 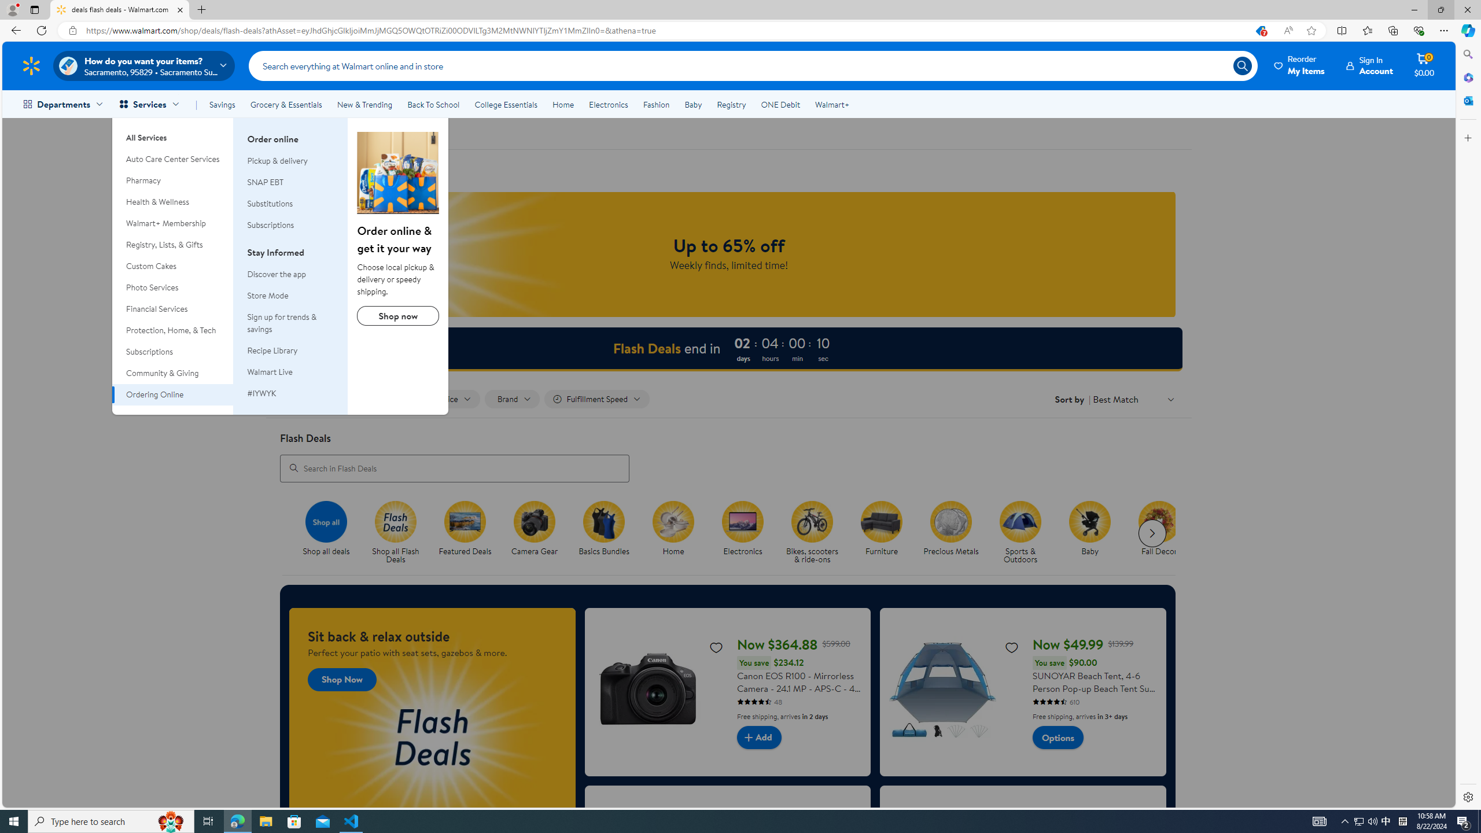 What do you see at coordinates (1158, 529) in the screenshot?
I see `'Fall Decor Fall Decor'` at bounding box center [1158, 529].